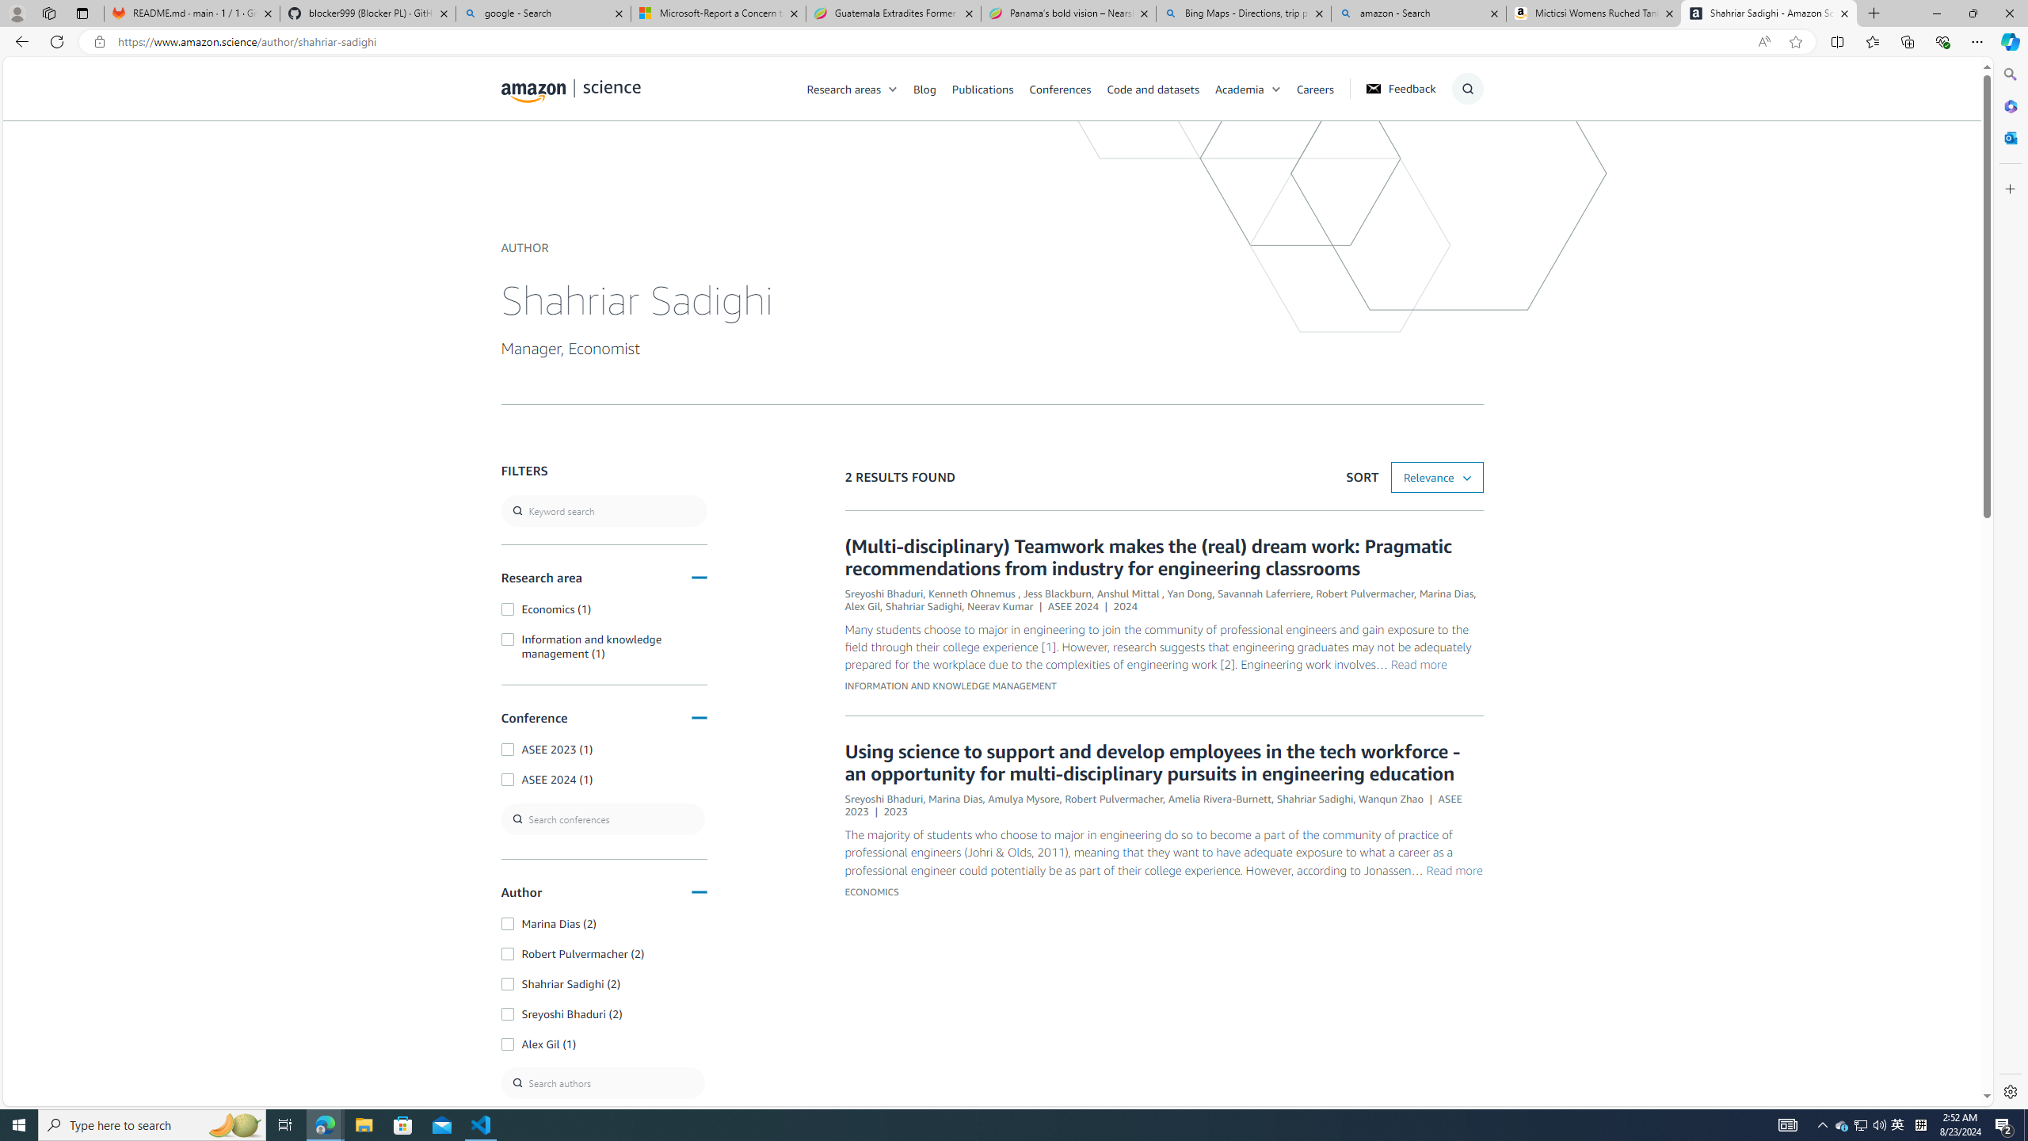  Describe the element at coordinates (2008, 136) in the screenshot. I see `'Outlook'` at that location.